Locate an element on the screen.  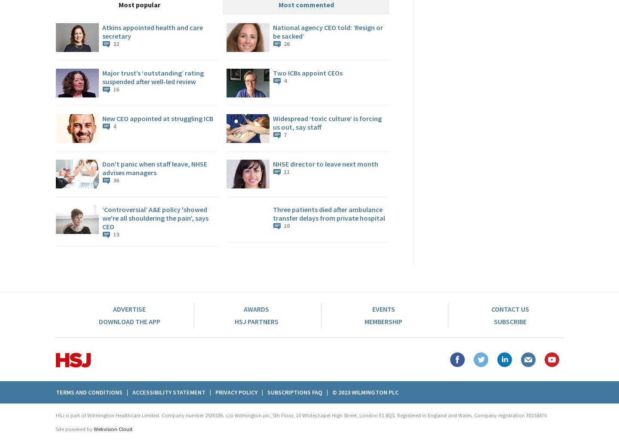
'Subscriptions FAQ' is located at coordinates (295, 392).